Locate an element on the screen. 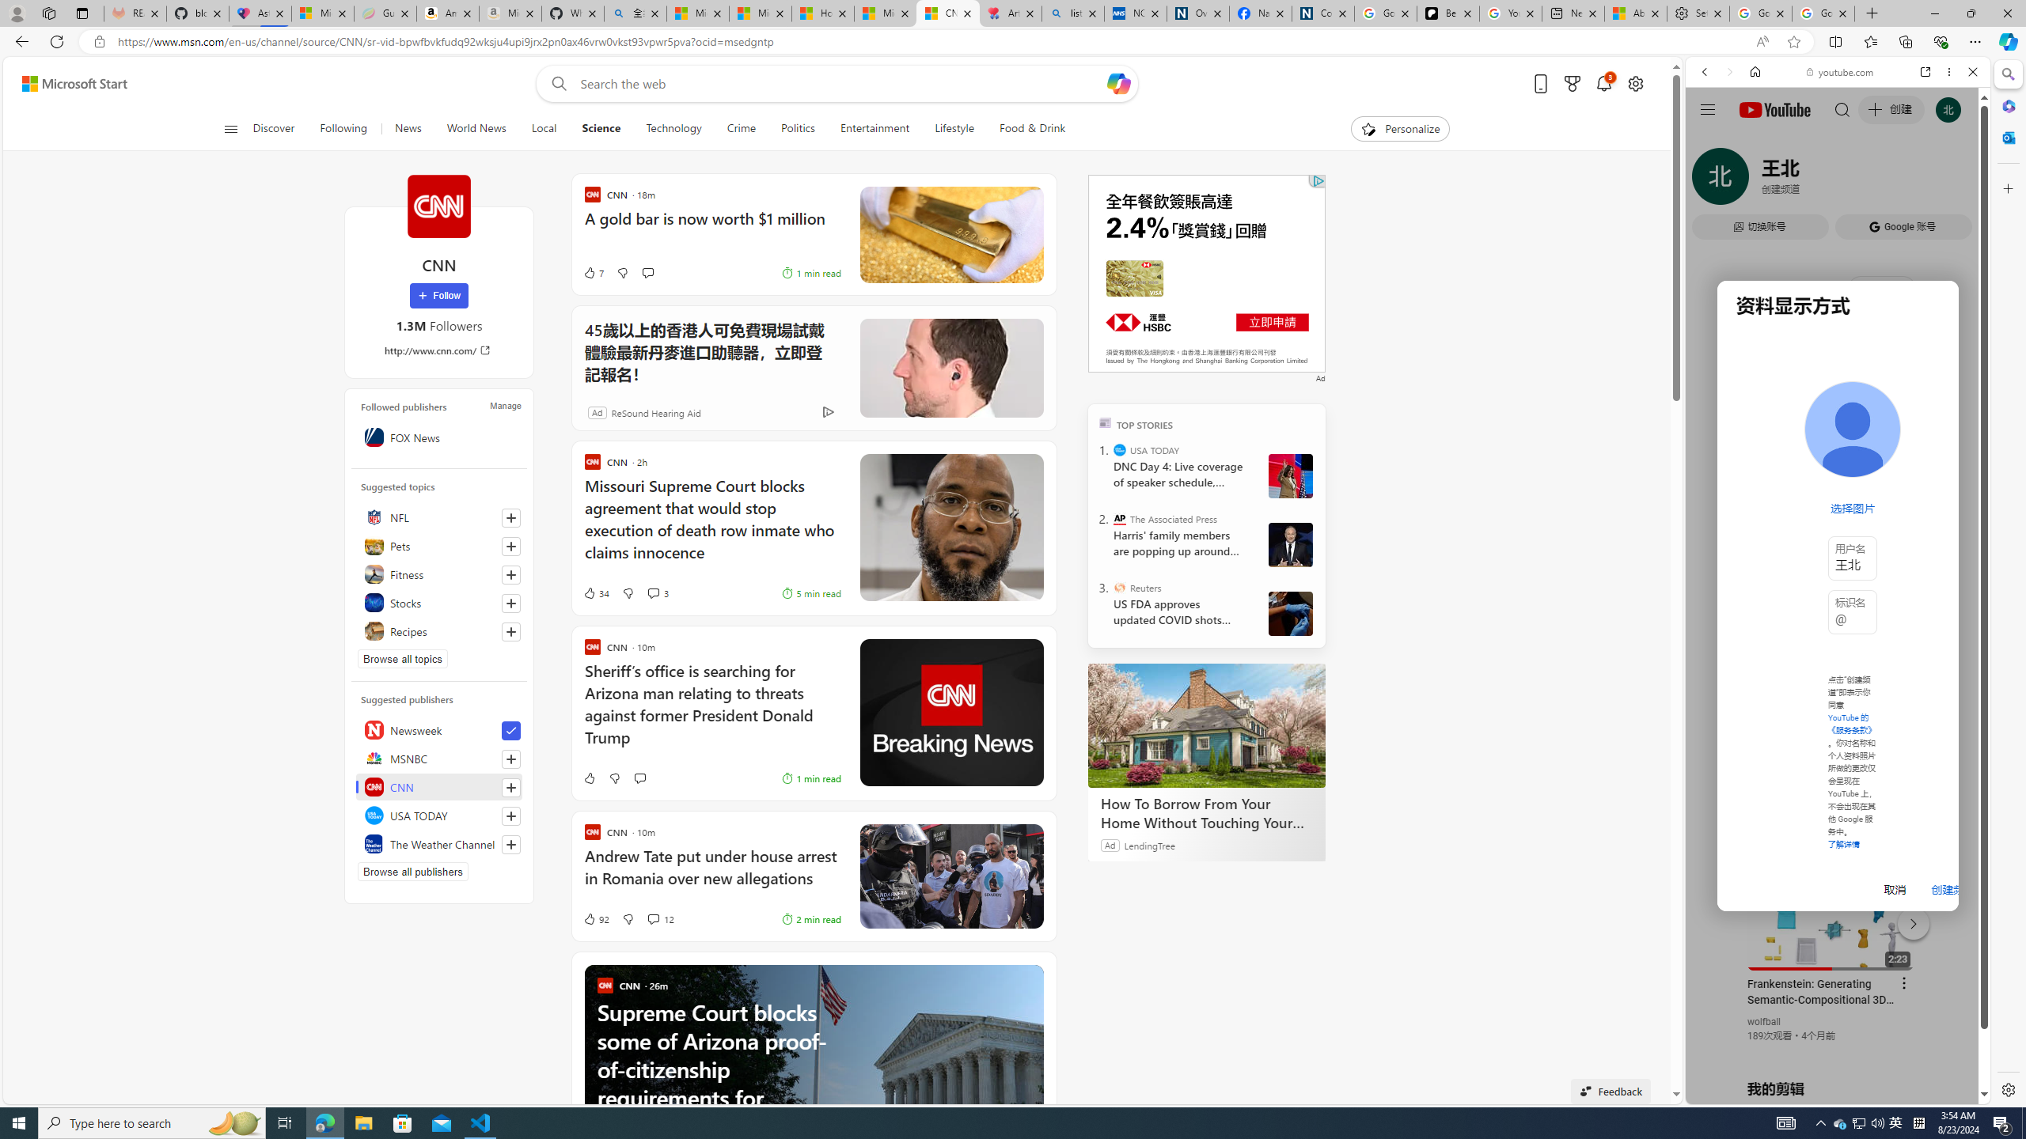  'Web search' is located at coordinates (555, 84).